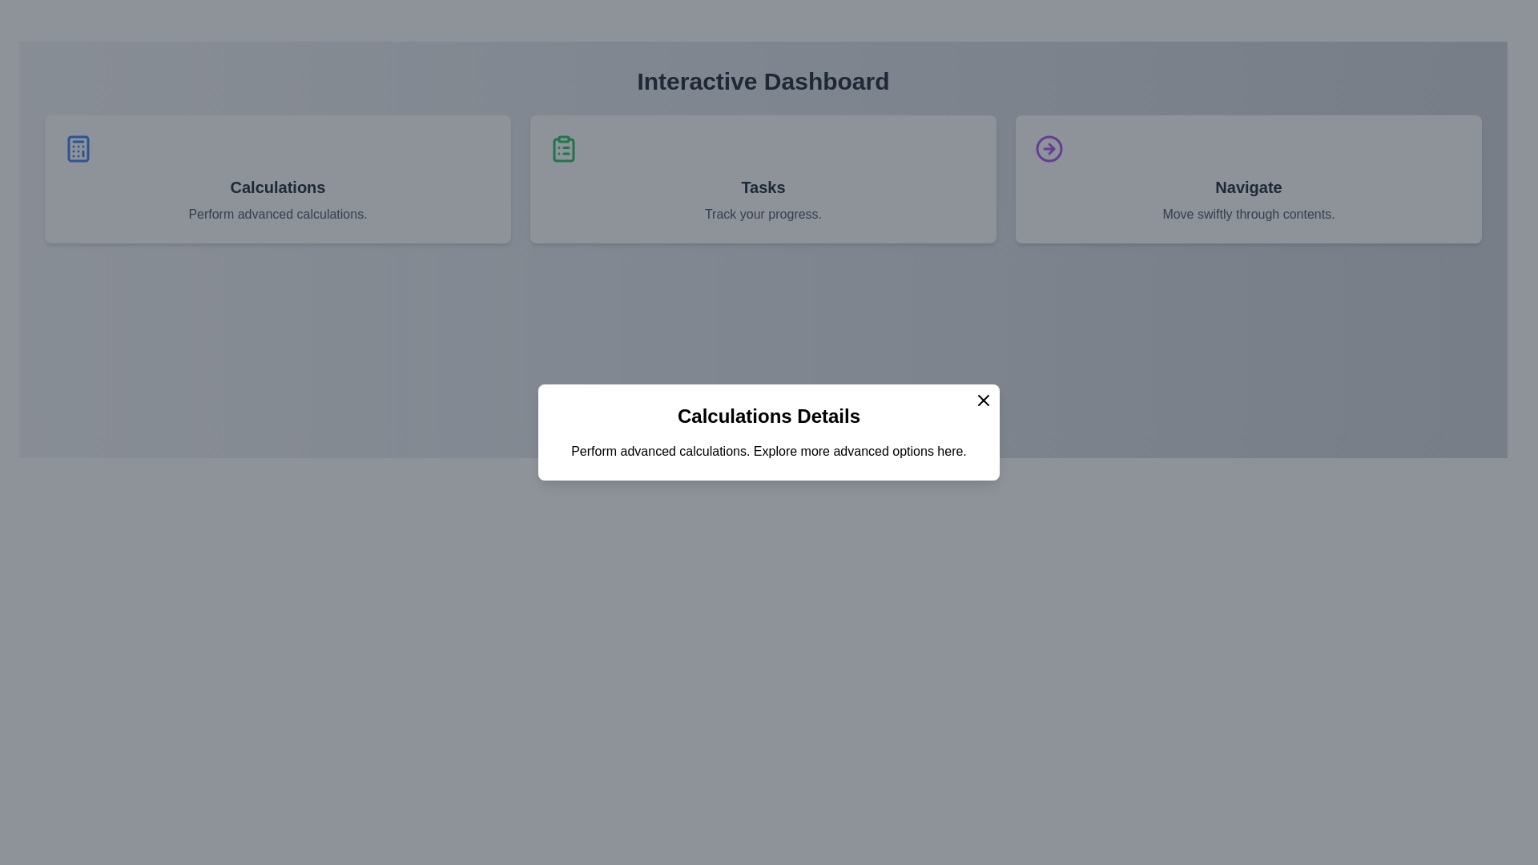 The height and width of the screenshot is (865, 1538). What do you see at coordinates (983, 400) in the screenshot?
I see `the close button with an 'X' icon located in the top-right corner of the 'Calculations Details' dialog box` at bounding box center [983, 400].